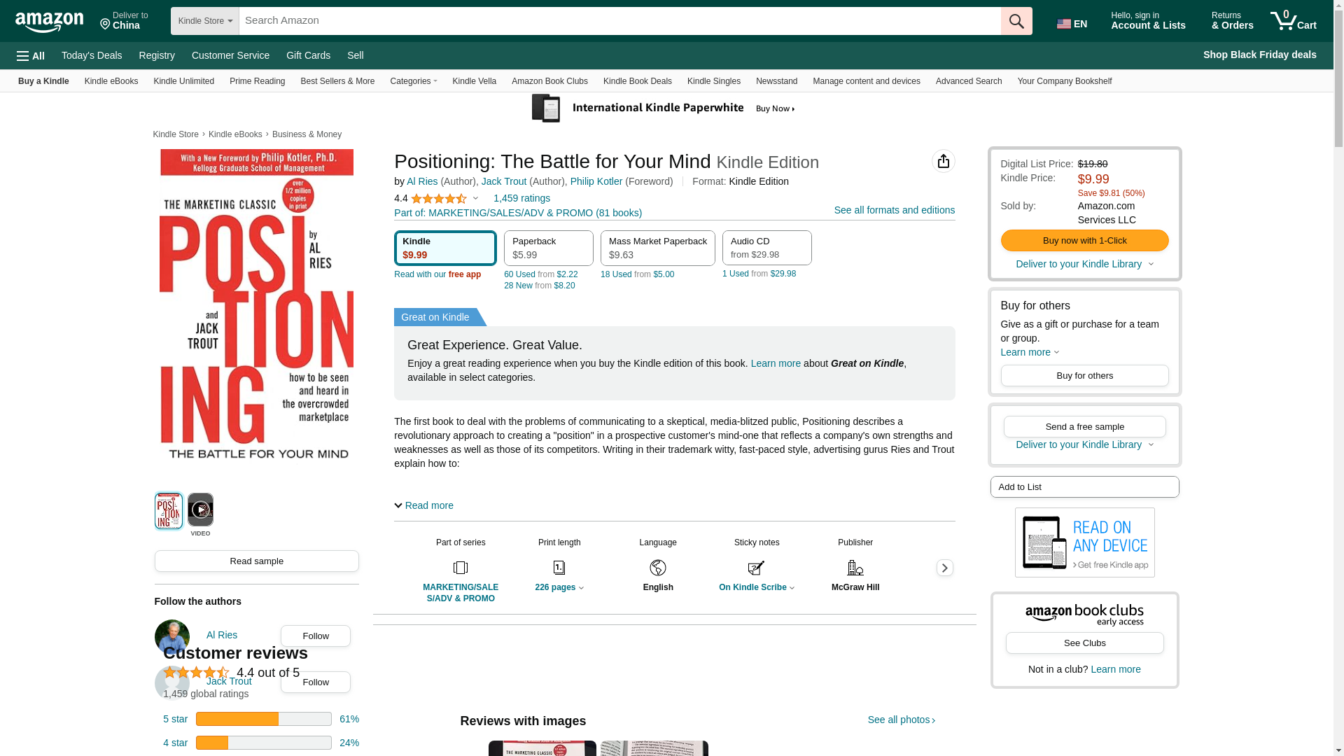 The image size is (1344, 756). What do you see at coordinates (1015, 264) in the screenshot?
I see `'Deliver to your Kindle Library'` at bounding box center [1015, 264].